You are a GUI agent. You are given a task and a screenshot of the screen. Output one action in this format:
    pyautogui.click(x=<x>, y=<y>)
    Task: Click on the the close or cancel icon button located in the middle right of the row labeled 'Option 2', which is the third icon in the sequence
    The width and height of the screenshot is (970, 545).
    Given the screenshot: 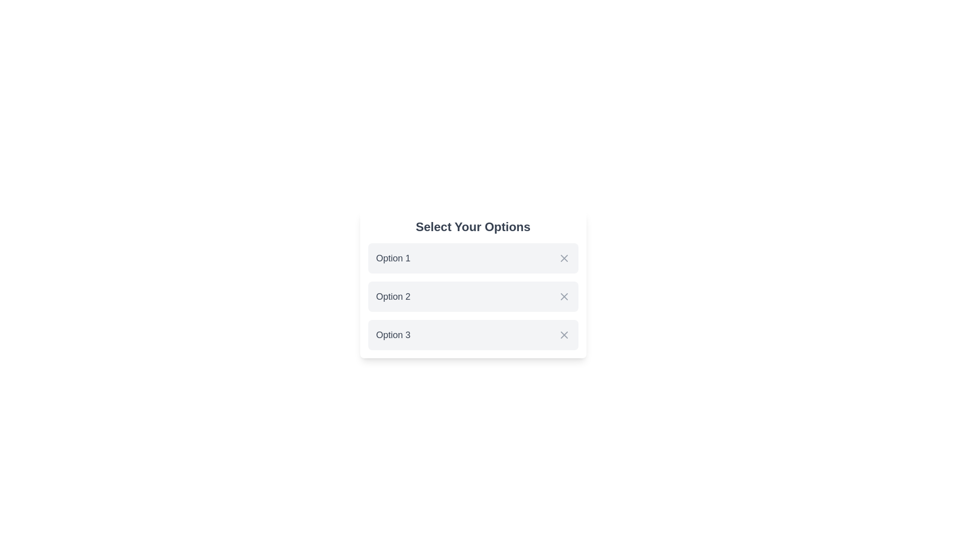 What is the action you would take?
    pyautogui.click(x=563, y=296)
    